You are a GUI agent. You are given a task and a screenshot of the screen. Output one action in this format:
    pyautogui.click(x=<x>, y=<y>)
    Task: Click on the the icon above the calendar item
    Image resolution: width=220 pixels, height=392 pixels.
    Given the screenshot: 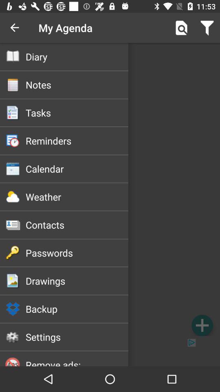 What is the action you would take?
    pyautogui.click(x=77, y=140)
    